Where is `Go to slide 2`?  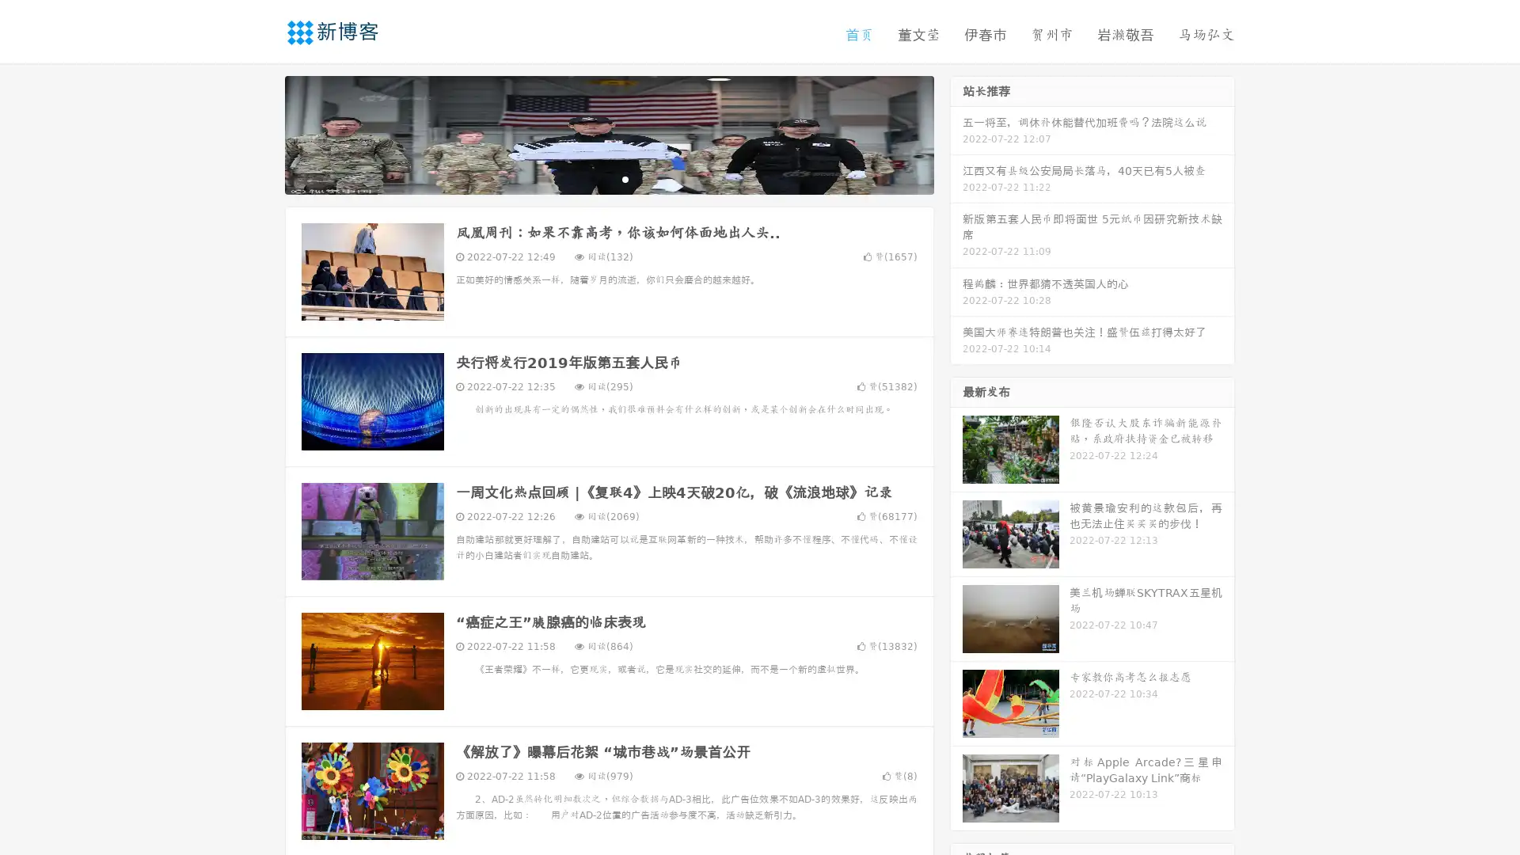
Go to slide 2 is located at coordinates (608, 178).